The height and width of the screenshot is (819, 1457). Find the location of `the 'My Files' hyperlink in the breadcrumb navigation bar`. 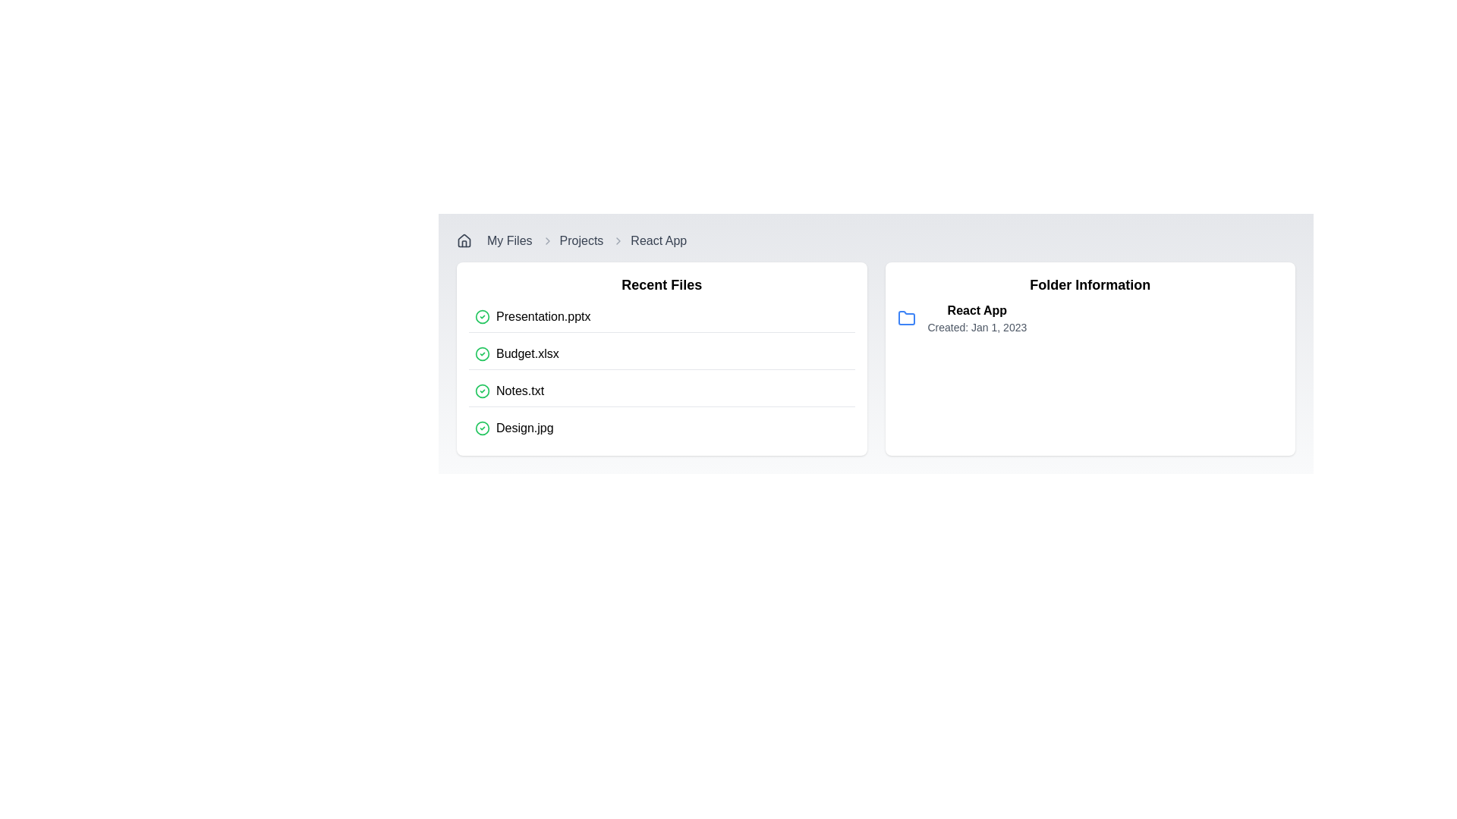

the 'My Files' hyperlink in the breadcrumb navigation bar is located at coordinates (509, 240).